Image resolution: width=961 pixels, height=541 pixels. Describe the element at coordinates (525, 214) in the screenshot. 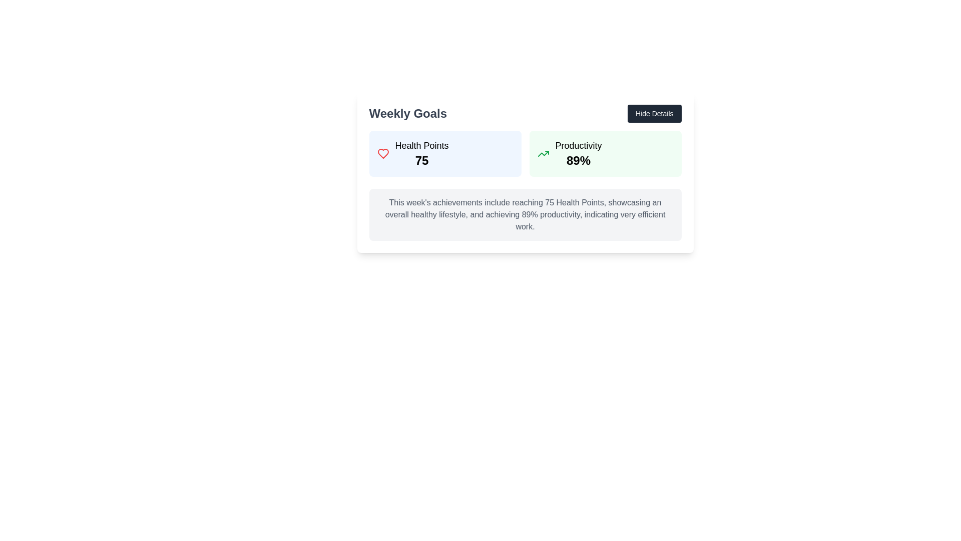

I see `the informational text box that has a light gray background, rounded corners, and contains text about achievements such as 75 Health Points and 89% productivity` at that location.